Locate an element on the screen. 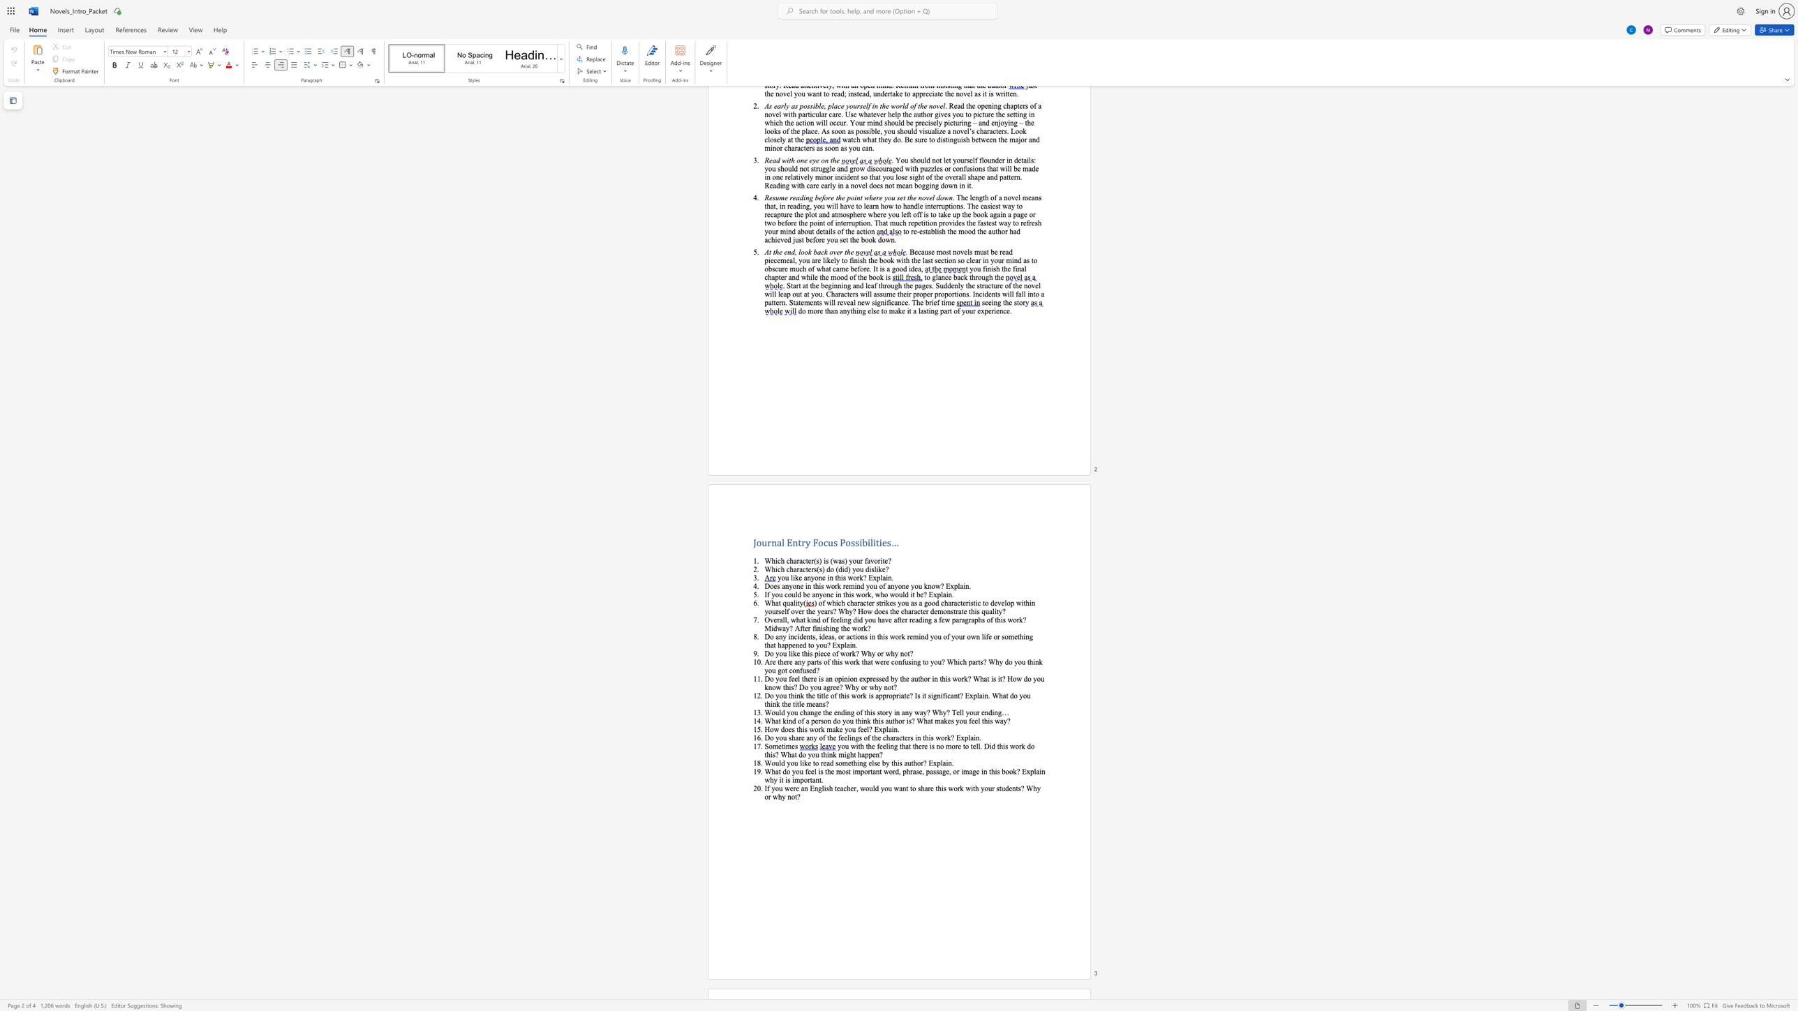  the subset text "qualit" within the text "this quality?" is located at coordinates (981, 611).